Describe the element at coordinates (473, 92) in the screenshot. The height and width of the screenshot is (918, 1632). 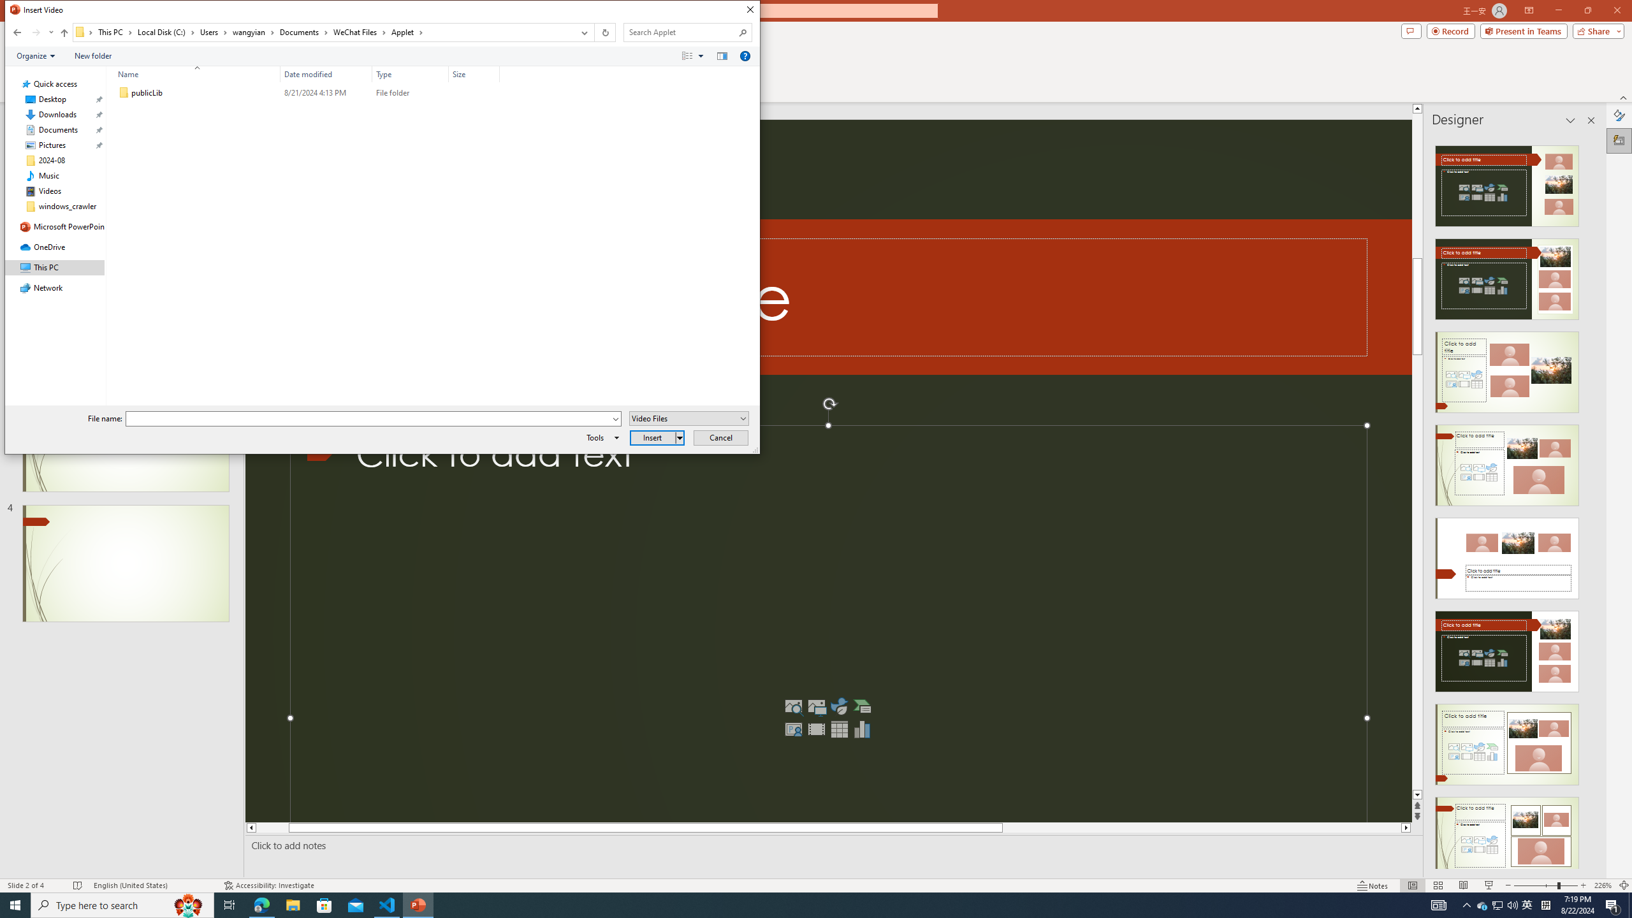
I see `'Size'` at that location.